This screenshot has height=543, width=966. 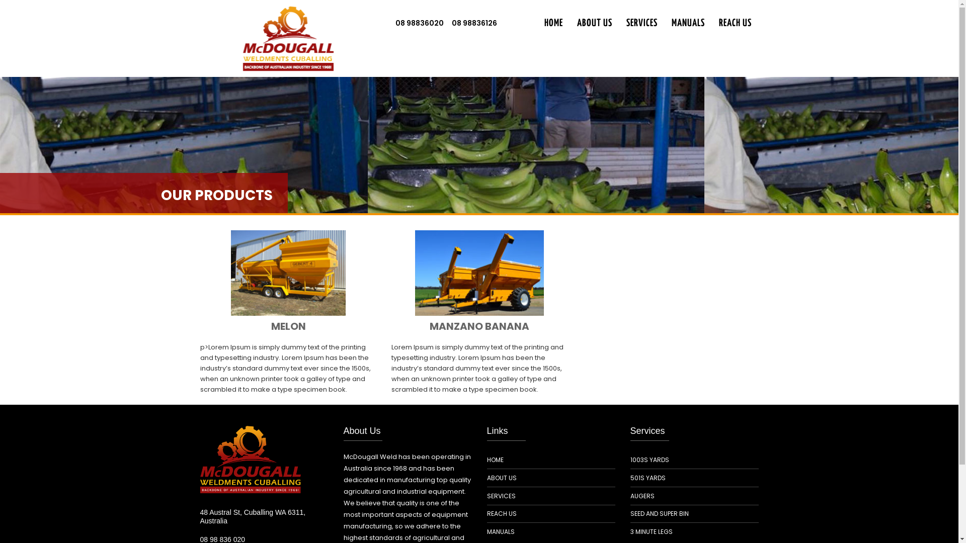 I want to click on 'HOME', so click(x=553, y=23).